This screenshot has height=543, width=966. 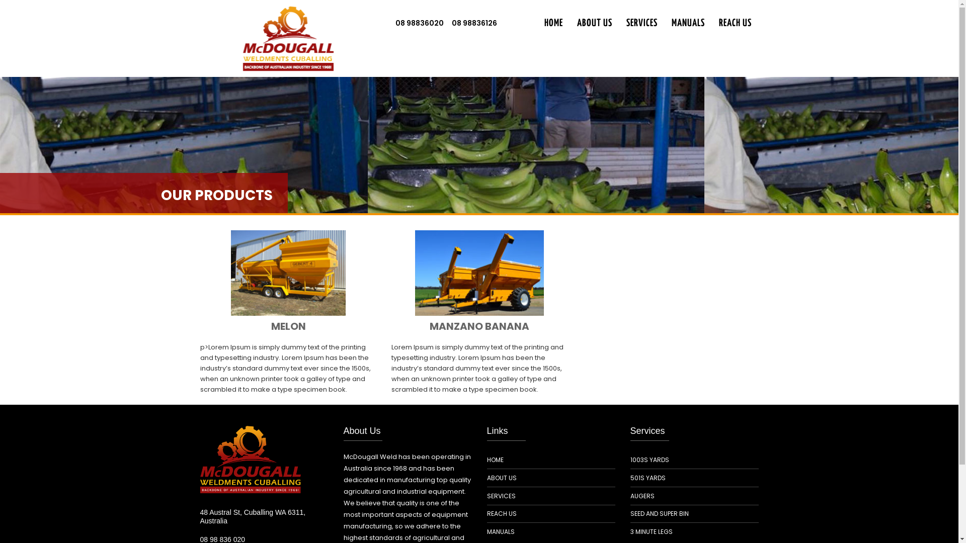 I want to click on 'HOME', so click(x=553, y=23).